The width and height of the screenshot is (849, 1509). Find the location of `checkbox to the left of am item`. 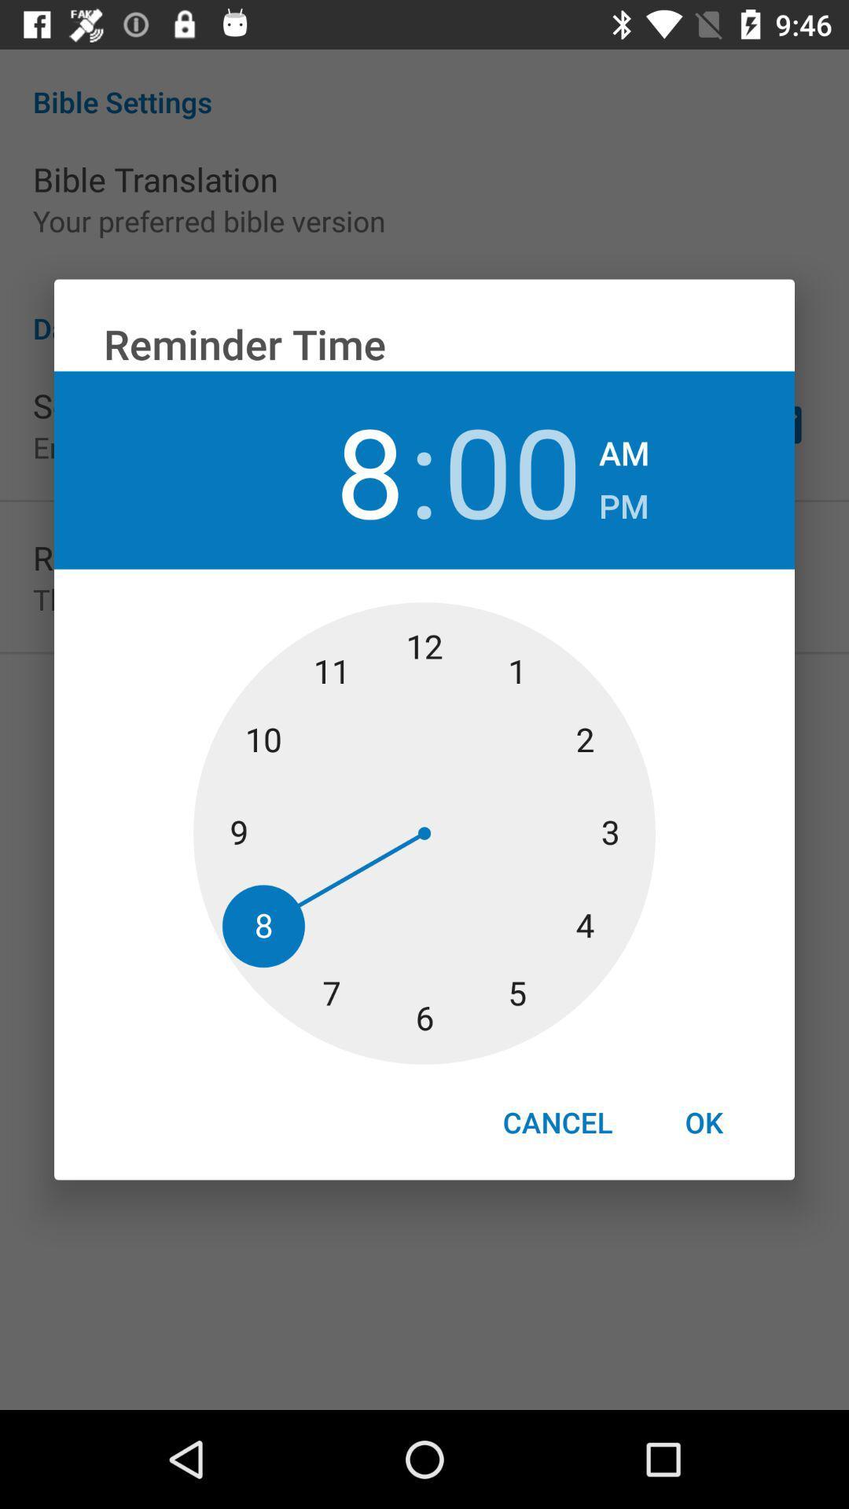

checkbox to the left of am item is located at coordinates (513, 469).